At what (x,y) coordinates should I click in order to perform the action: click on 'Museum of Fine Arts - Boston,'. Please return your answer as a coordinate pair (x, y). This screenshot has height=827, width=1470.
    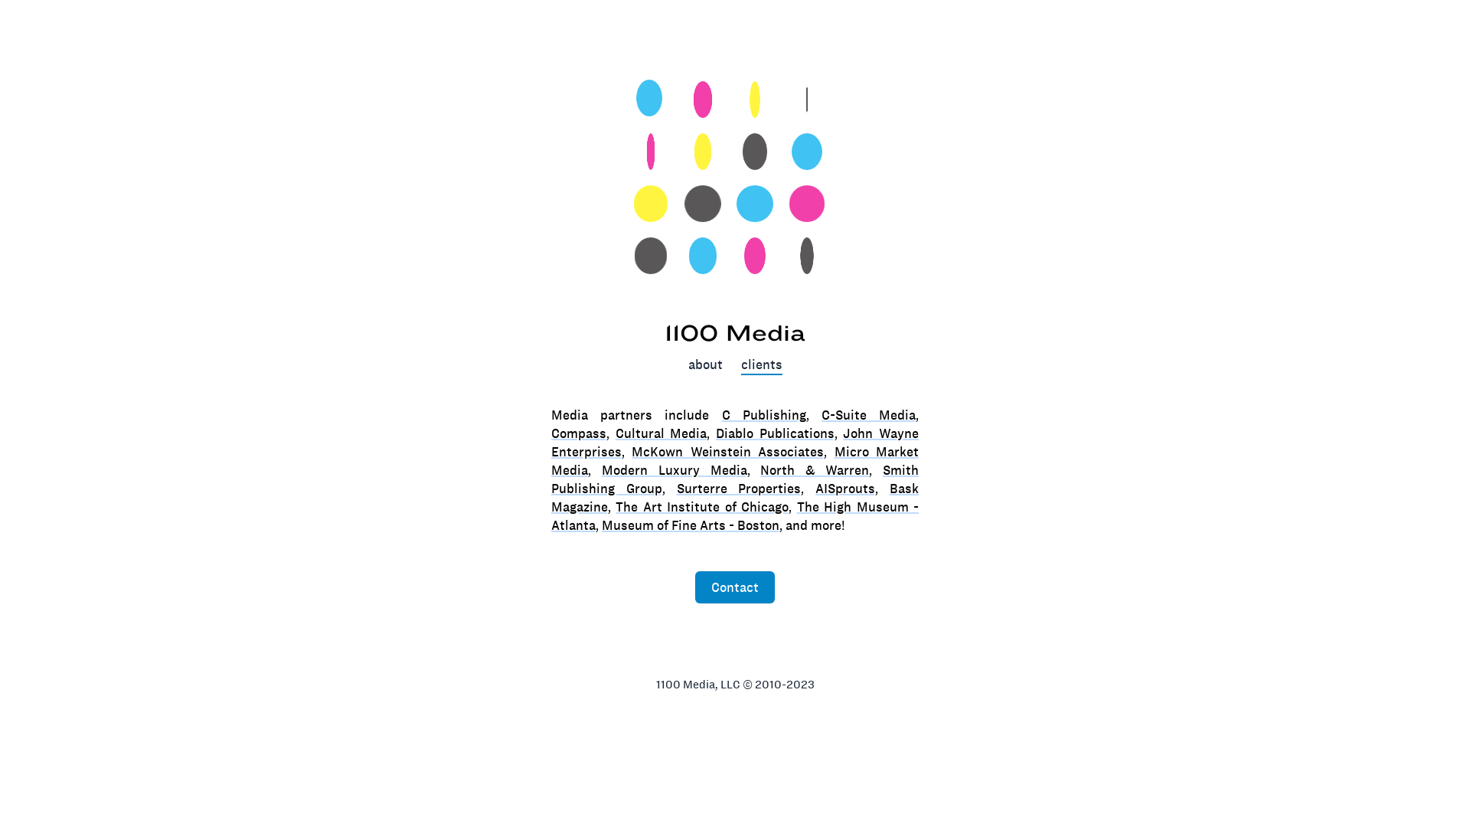
    Looking at the image, I should click on (601, 525).